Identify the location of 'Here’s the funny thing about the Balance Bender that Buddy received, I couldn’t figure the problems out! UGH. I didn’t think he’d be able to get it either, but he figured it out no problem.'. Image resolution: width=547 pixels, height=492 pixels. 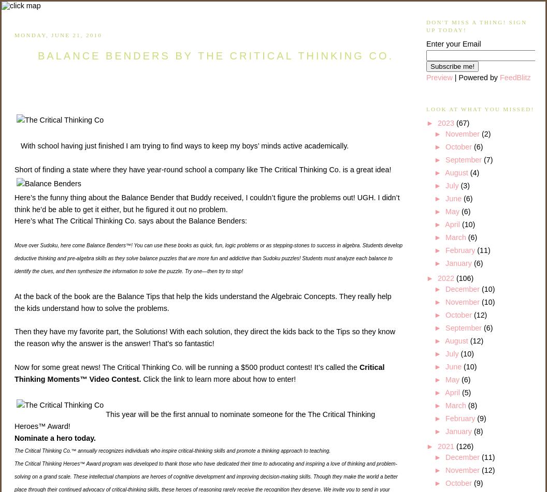
(207, 203).